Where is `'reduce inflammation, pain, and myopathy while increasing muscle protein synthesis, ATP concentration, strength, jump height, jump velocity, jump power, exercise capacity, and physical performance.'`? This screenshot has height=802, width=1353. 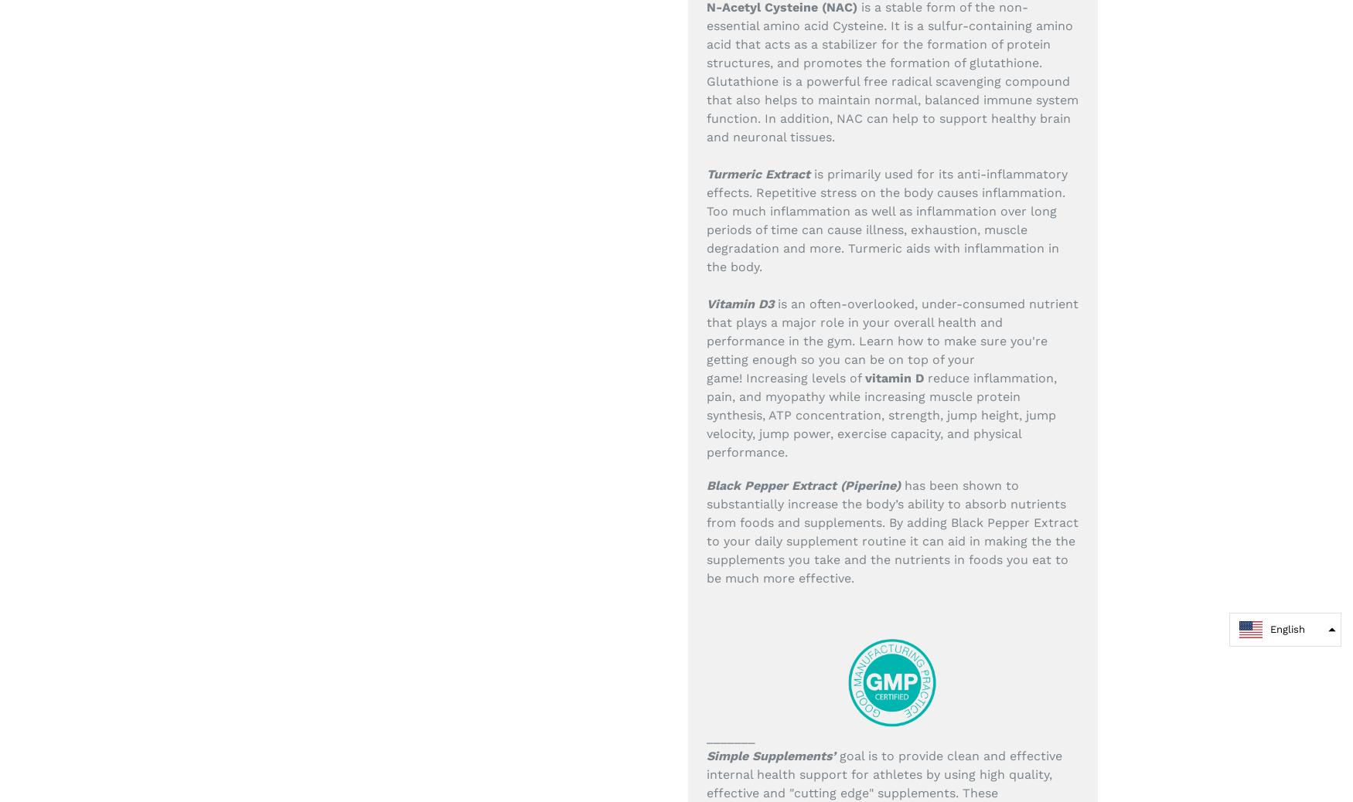 'reduce inflammation, pain, and myopathy while increasing muscle protein synthesis, ATP concentration, strength, jump height, jump velocity, jump power, exercise capacity, and physical performance.' is located at coordinates (881, 413).